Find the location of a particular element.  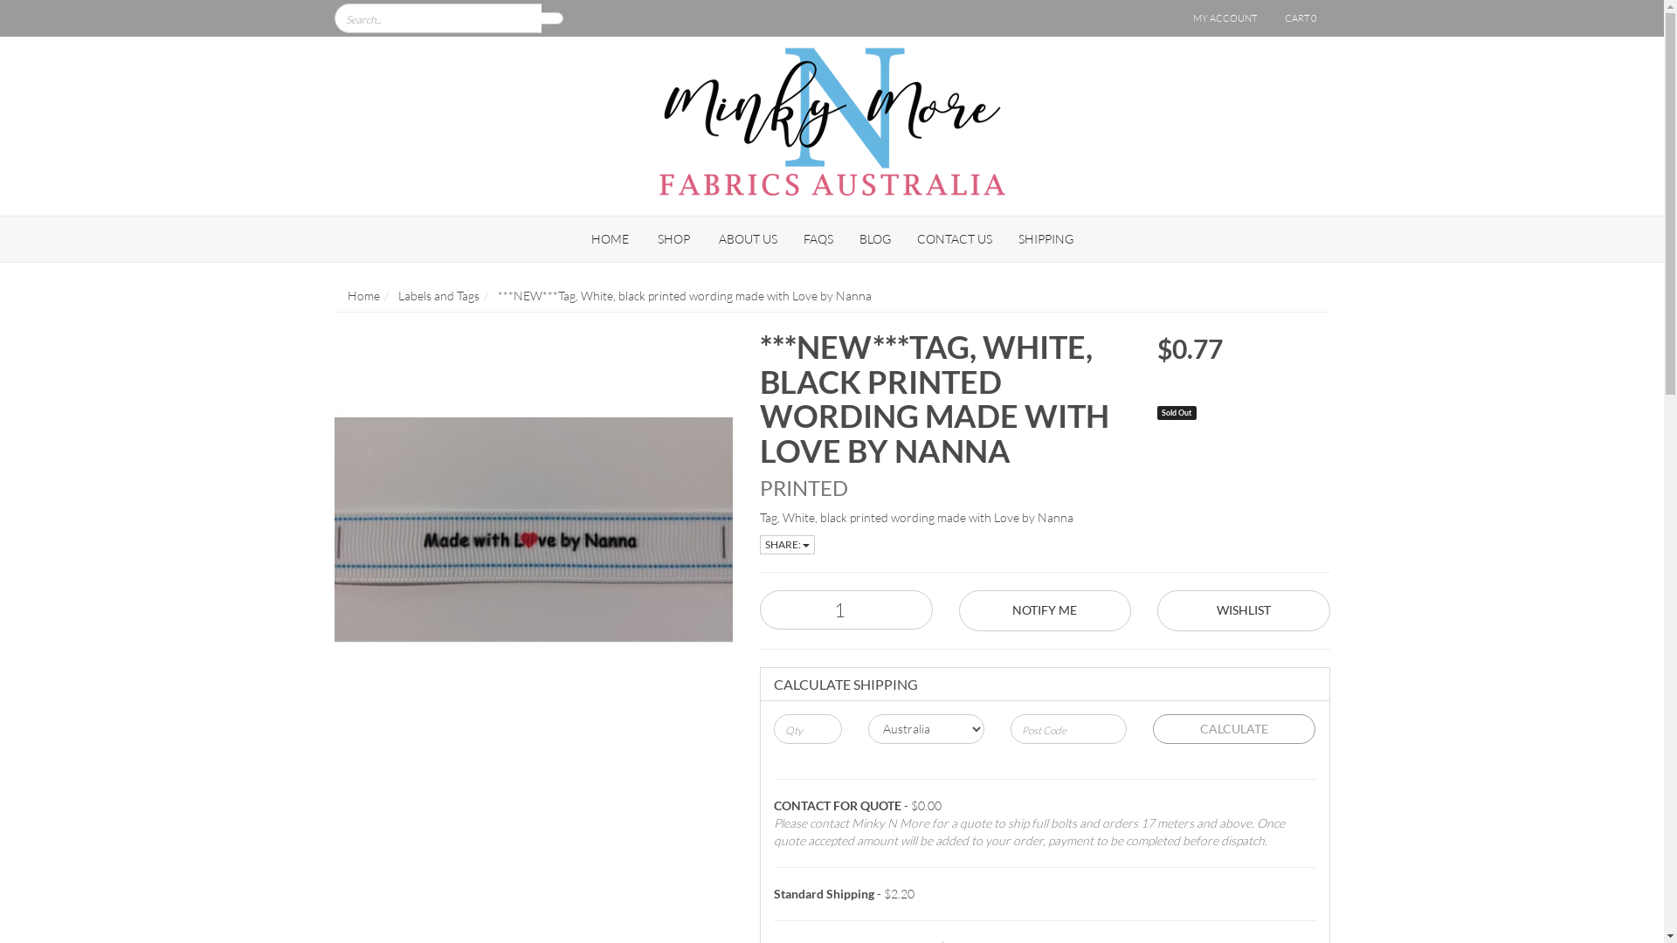

'CALCULATE' is located at coordinates (1233, 728).